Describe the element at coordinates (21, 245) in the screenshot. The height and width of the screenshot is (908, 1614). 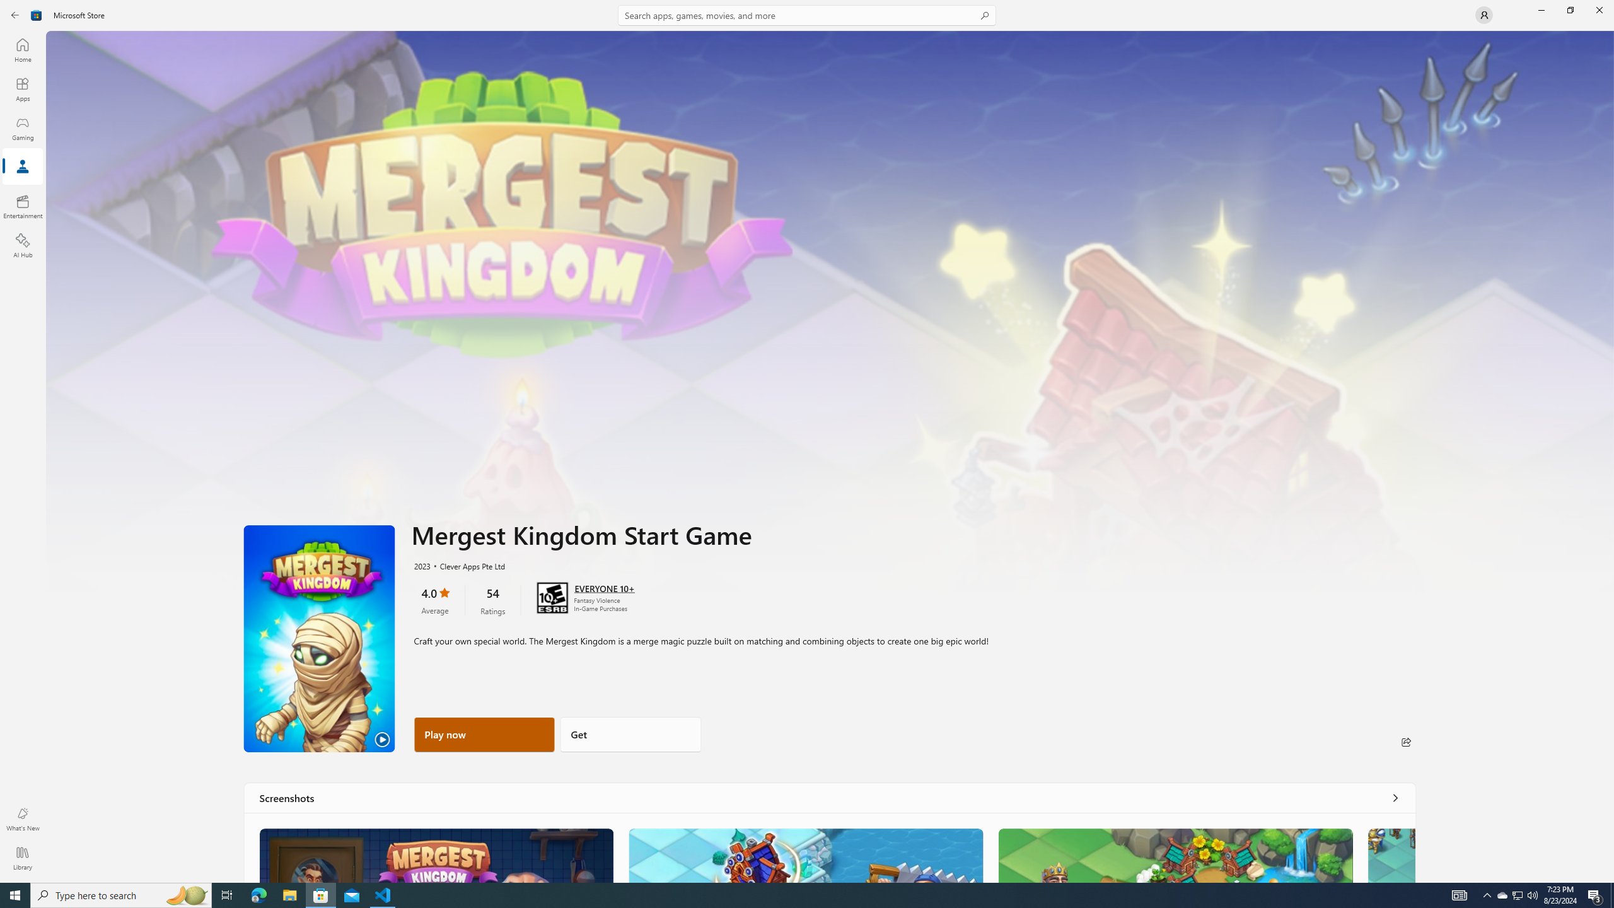
I see `'AI Hub'` at that location.